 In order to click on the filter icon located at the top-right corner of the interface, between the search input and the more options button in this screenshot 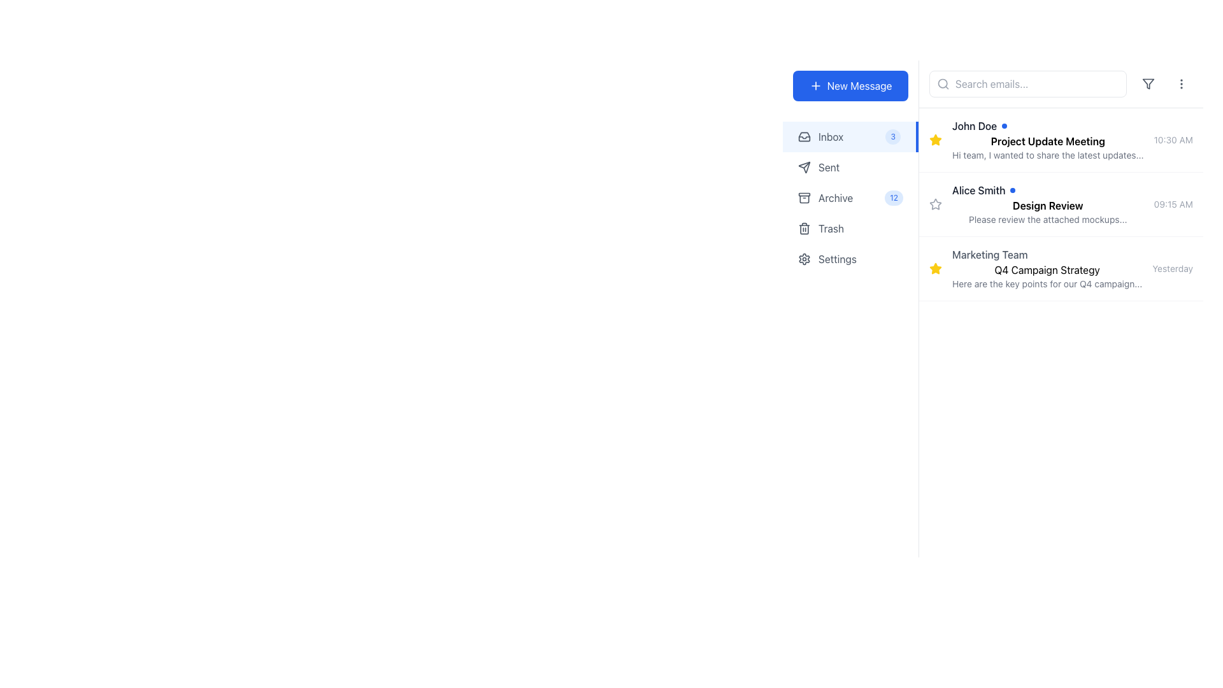, I will do `click(1148, 83)`.